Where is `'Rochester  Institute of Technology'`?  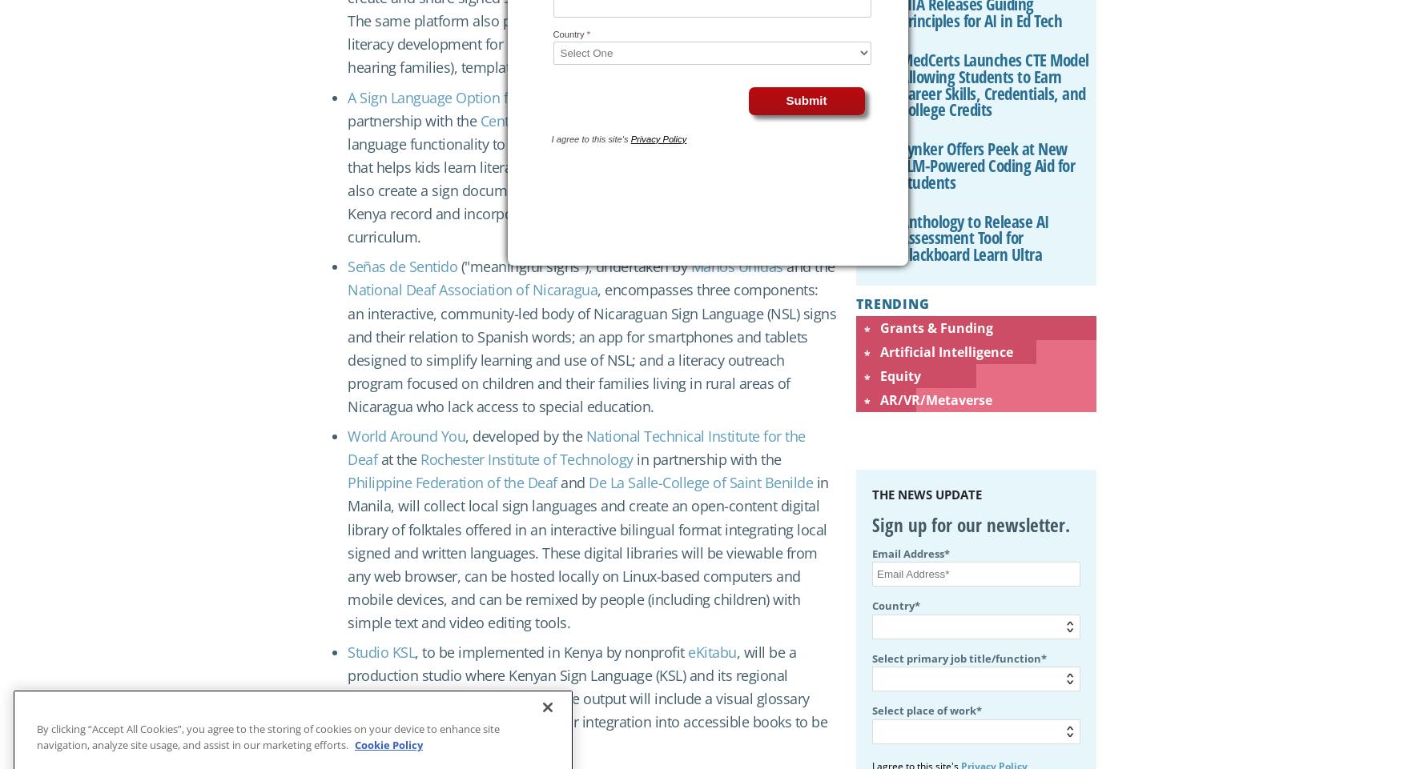 'Rochester  Institute of Technology' is located at coordinates (419, 459).